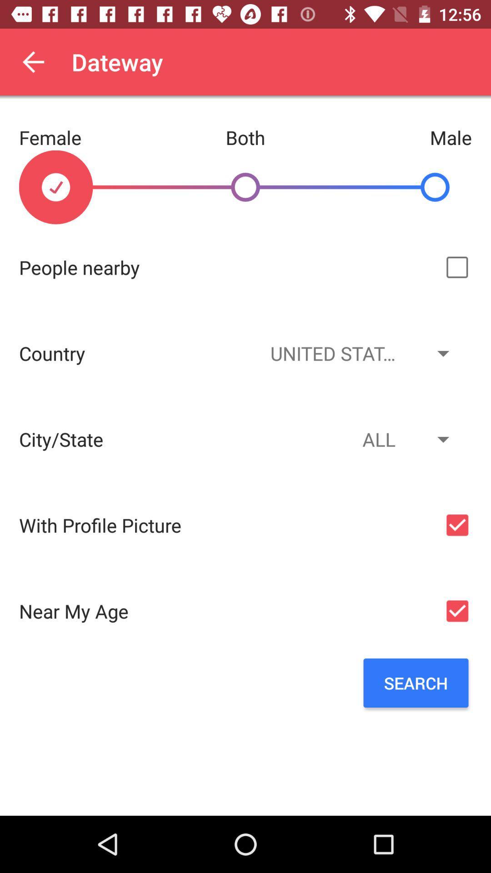 This screenshot has width=491, height=873. Describe the element at coordinates (457, 266) in the screenshot. I see `the checkbox which is right to people nearby` at that location.